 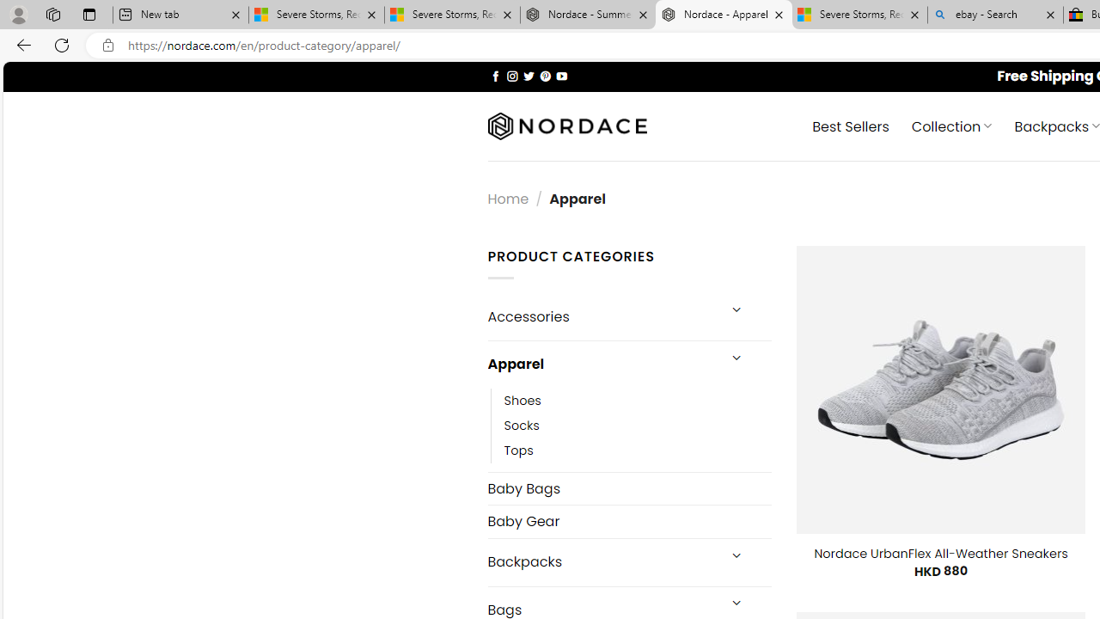 I want to click on 'Tops', so click(x=637, y=450).